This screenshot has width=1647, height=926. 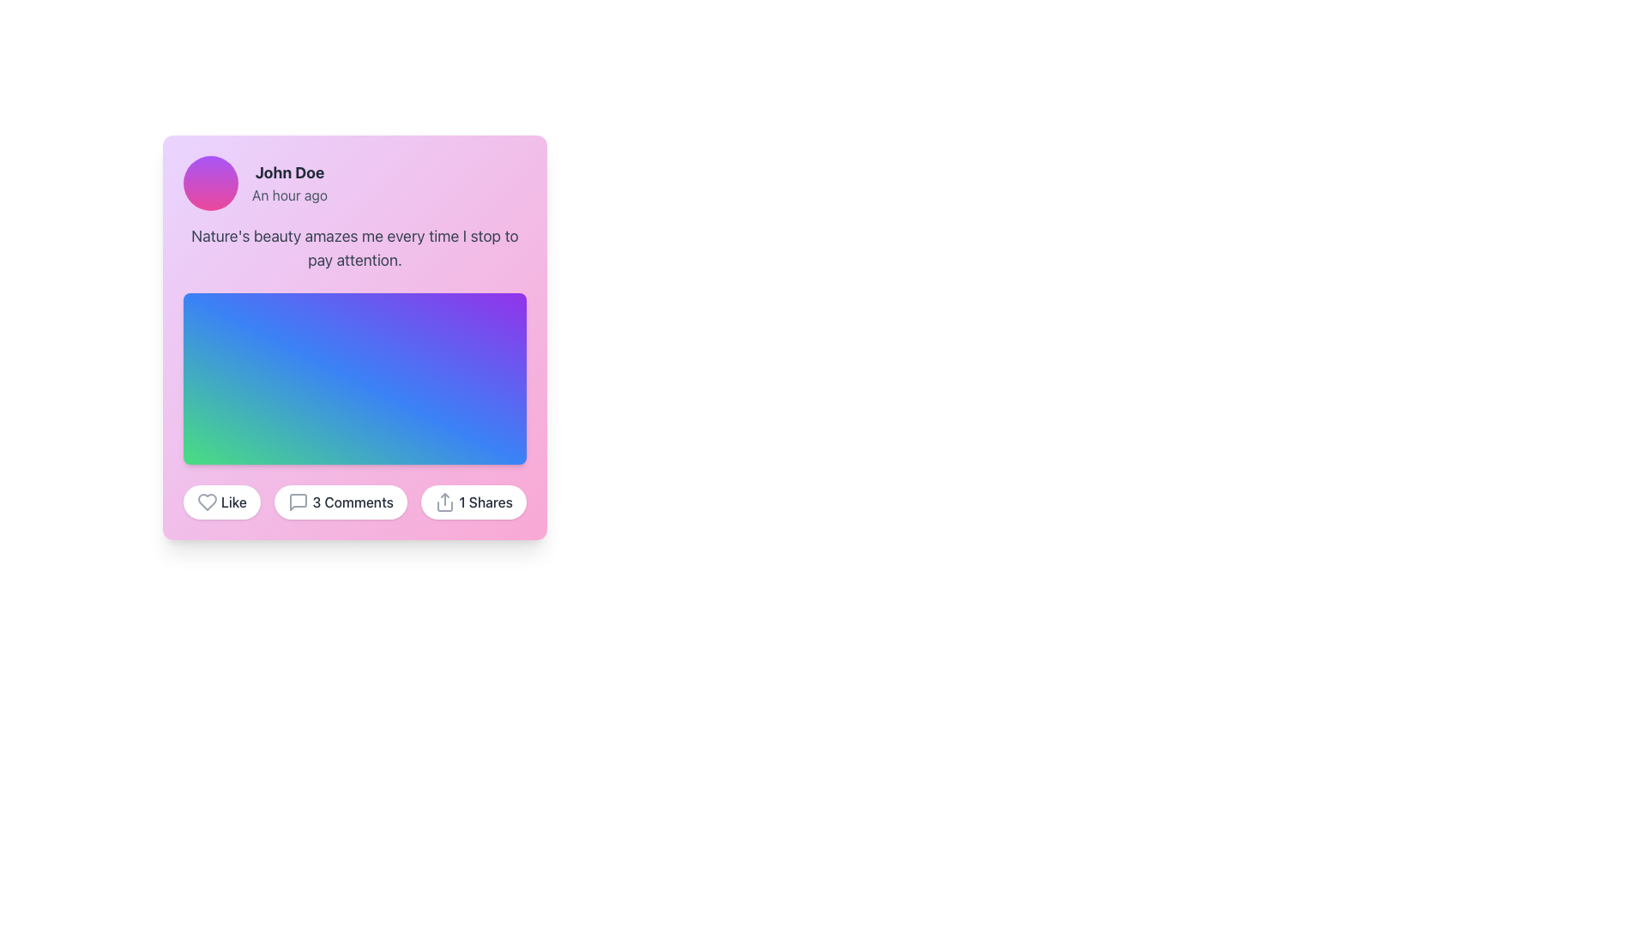 What do you see at coordinates (341, 502) in the screenshot?
I see `the comment button, which is the second button in a row of three buttons at the bottom of the card, positioned between the 'Like' button and the '1 Shares' button` at bounding box center [341, 502].